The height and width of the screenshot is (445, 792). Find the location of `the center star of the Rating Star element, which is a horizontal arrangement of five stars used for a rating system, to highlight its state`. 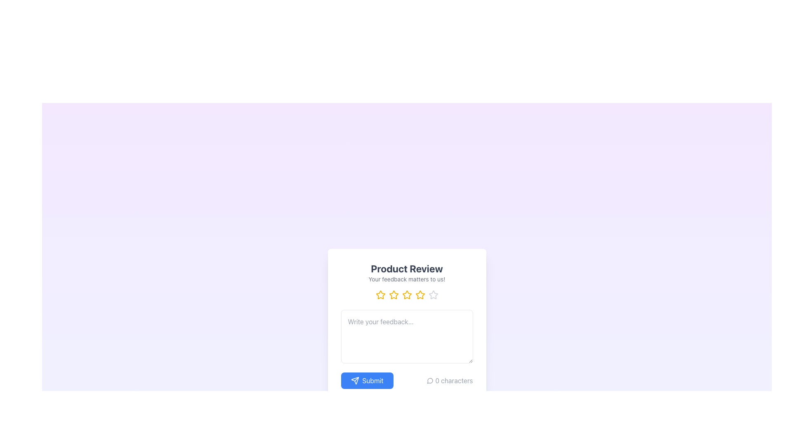

the center star of the Rating Star element, which is a horizontal arrangement of five stars used for a rating system, to highlight its state is located at coordinates (407, 295).